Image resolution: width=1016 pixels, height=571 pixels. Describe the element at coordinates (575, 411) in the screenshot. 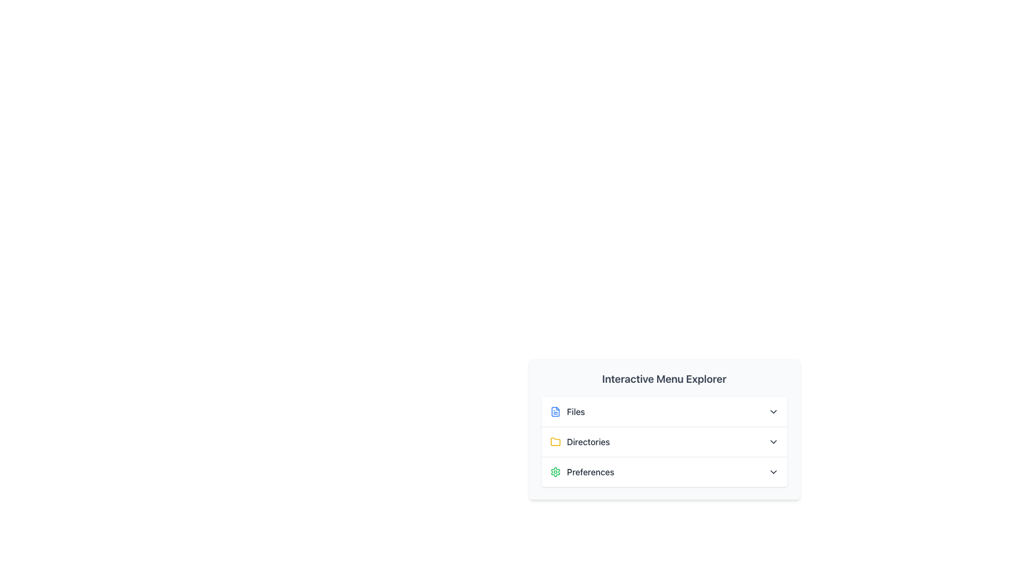

I see `the 'Files' label in the vertical menu below the title 'Interactive Menu Explorer'` at that location.